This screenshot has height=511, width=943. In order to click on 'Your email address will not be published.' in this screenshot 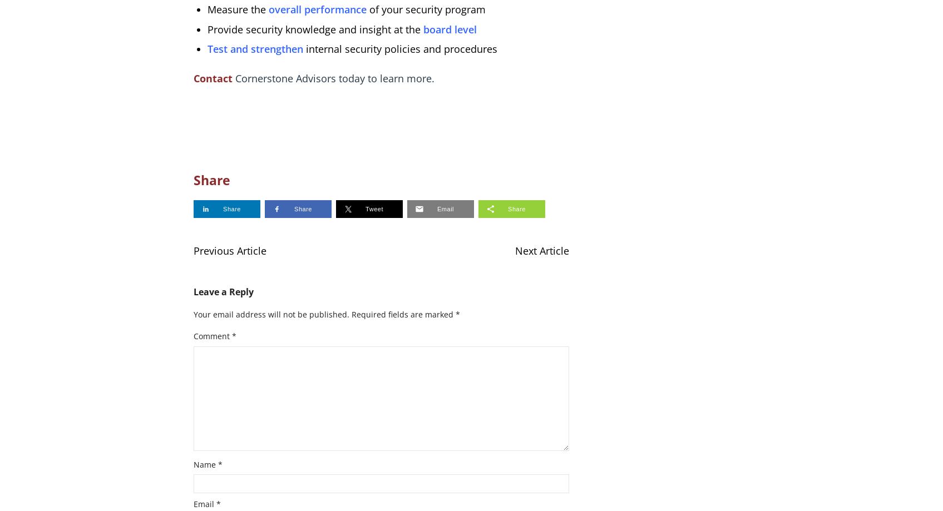, I will do `click(270, 314)`.